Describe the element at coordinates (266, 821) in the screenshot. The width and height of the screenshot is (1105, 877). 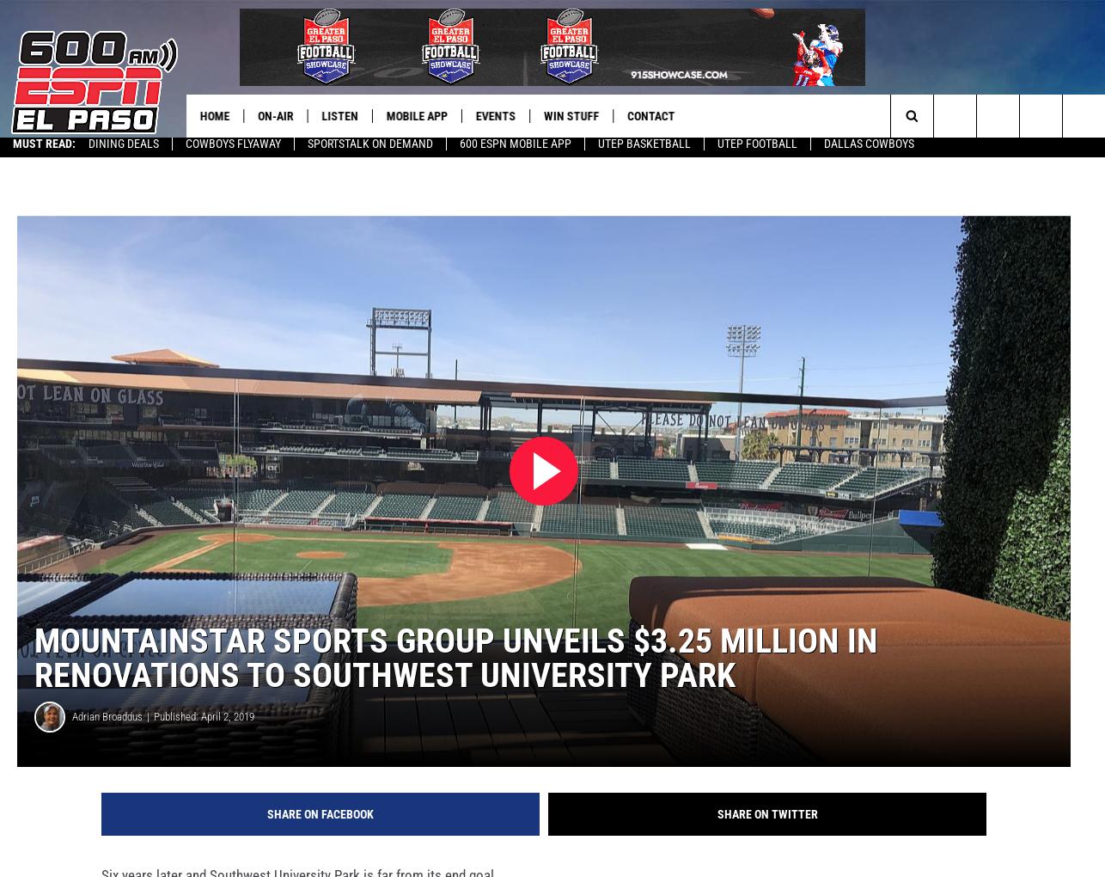
I see `'Share on Facebook'` at that location.